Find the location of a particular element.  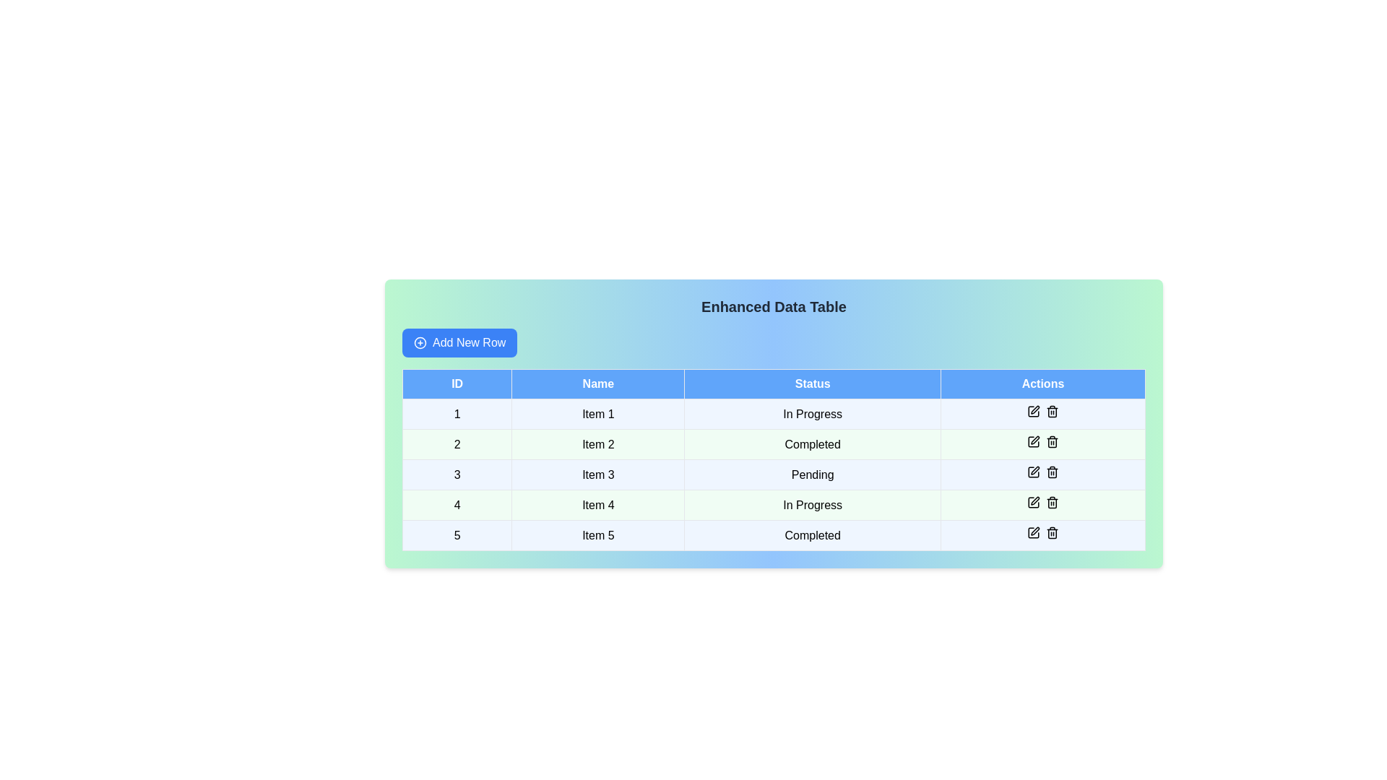

the SVG pen and paper icon located in the top right corner of the 'Actions' column for 'Item 1' in the 'Enhanced Data Table' to initiate editing is located at coordinates (1032, 412).